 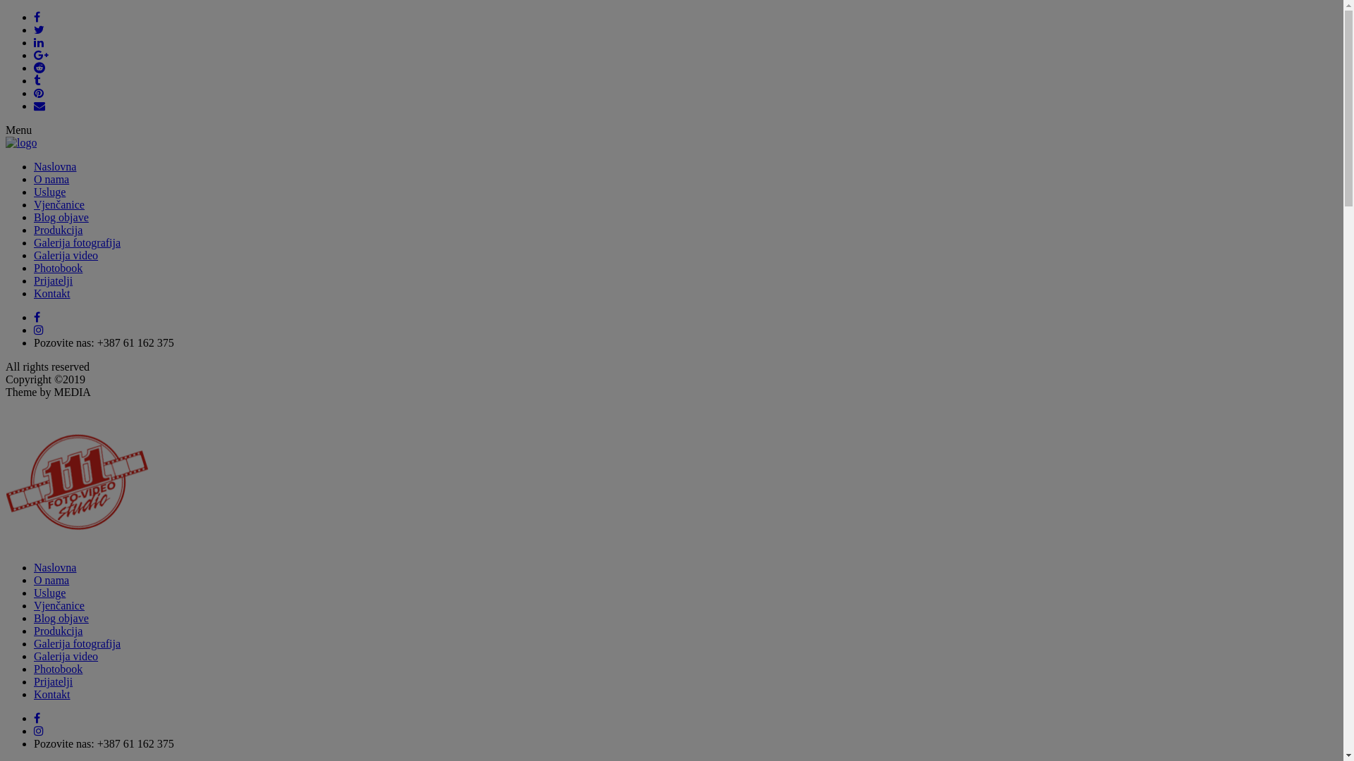 I want to click on 'Instagram', so click(x=38, y=730).